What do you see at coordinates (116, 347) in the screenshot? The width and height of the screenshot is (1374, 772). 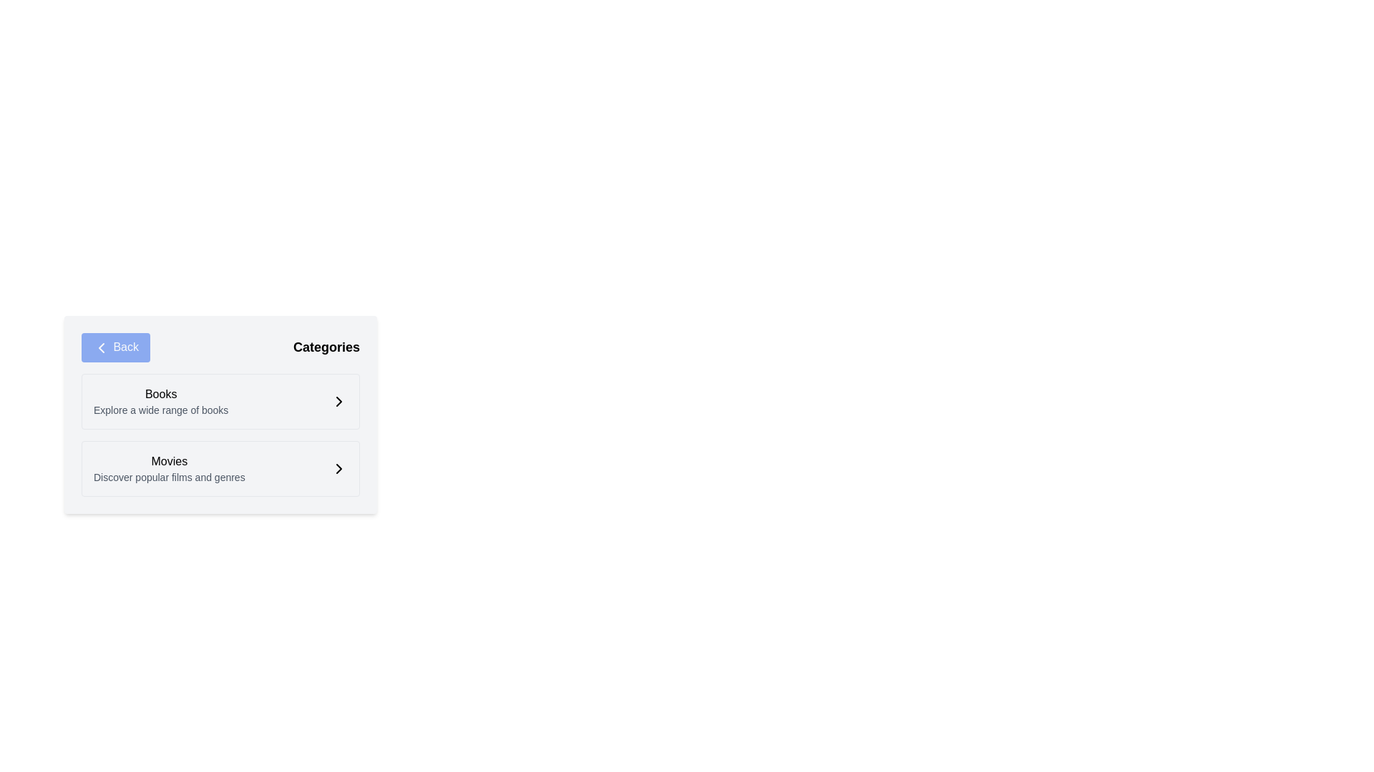 I see `the 'Back' button with a blue background and white text, which includes a leftward arrow icon` at bounding box center [116, 347].